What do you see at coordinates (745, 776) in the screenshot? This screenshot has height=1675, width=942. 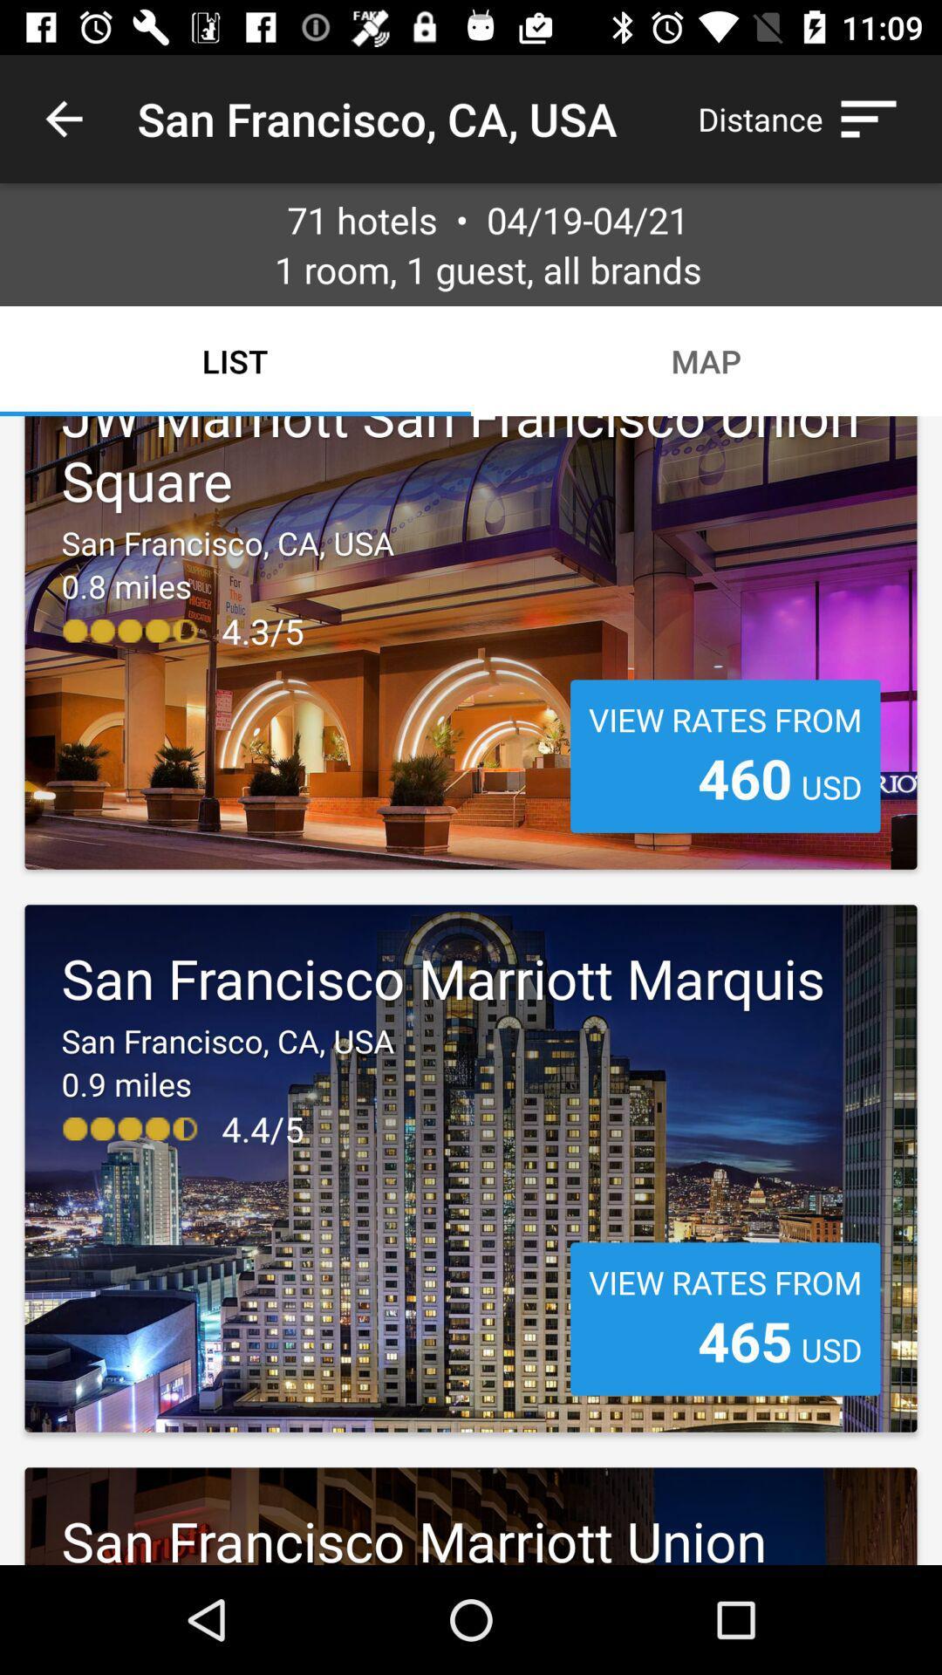 I see `item below view rates from item` at bounding box center [745, 776].